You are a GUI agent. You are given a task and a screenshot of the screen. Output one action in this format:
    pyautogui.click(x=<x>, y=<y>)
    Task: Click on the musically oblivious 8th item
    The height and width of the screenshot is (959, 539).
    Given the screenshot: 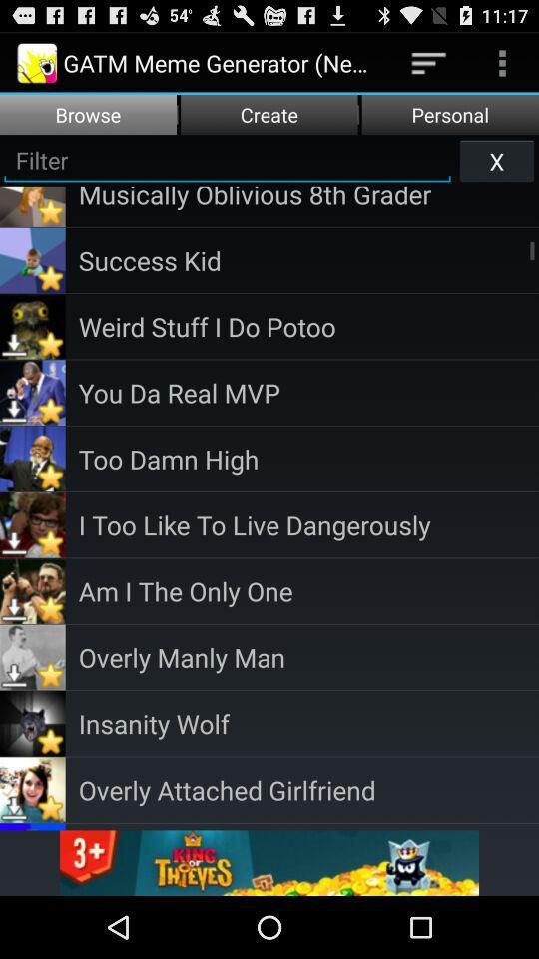 What is the action you would take?
    pyautogui.click(x=308, y=198)
    